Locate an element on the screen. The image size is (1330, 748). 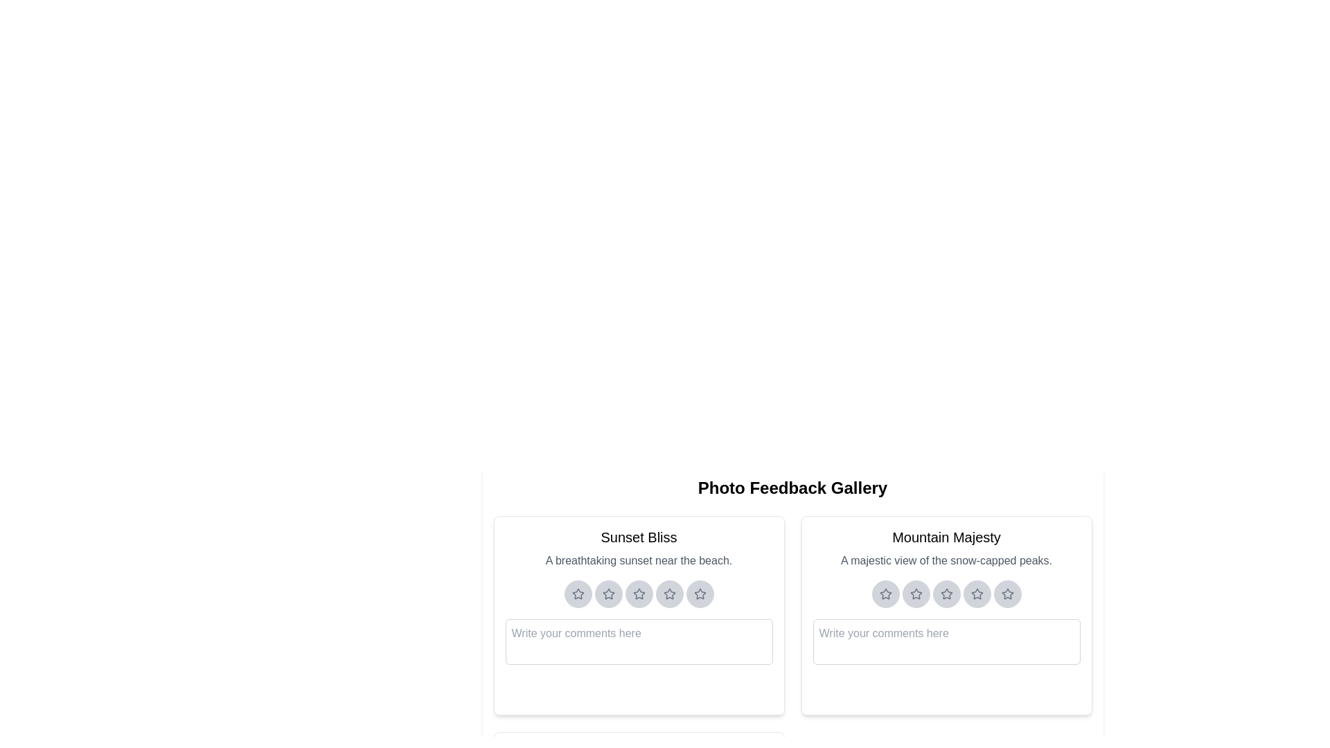
the second star icon in the horizontal arrangement of five stars under 'Mountain Majesty' is located at coordinates (916, 593).